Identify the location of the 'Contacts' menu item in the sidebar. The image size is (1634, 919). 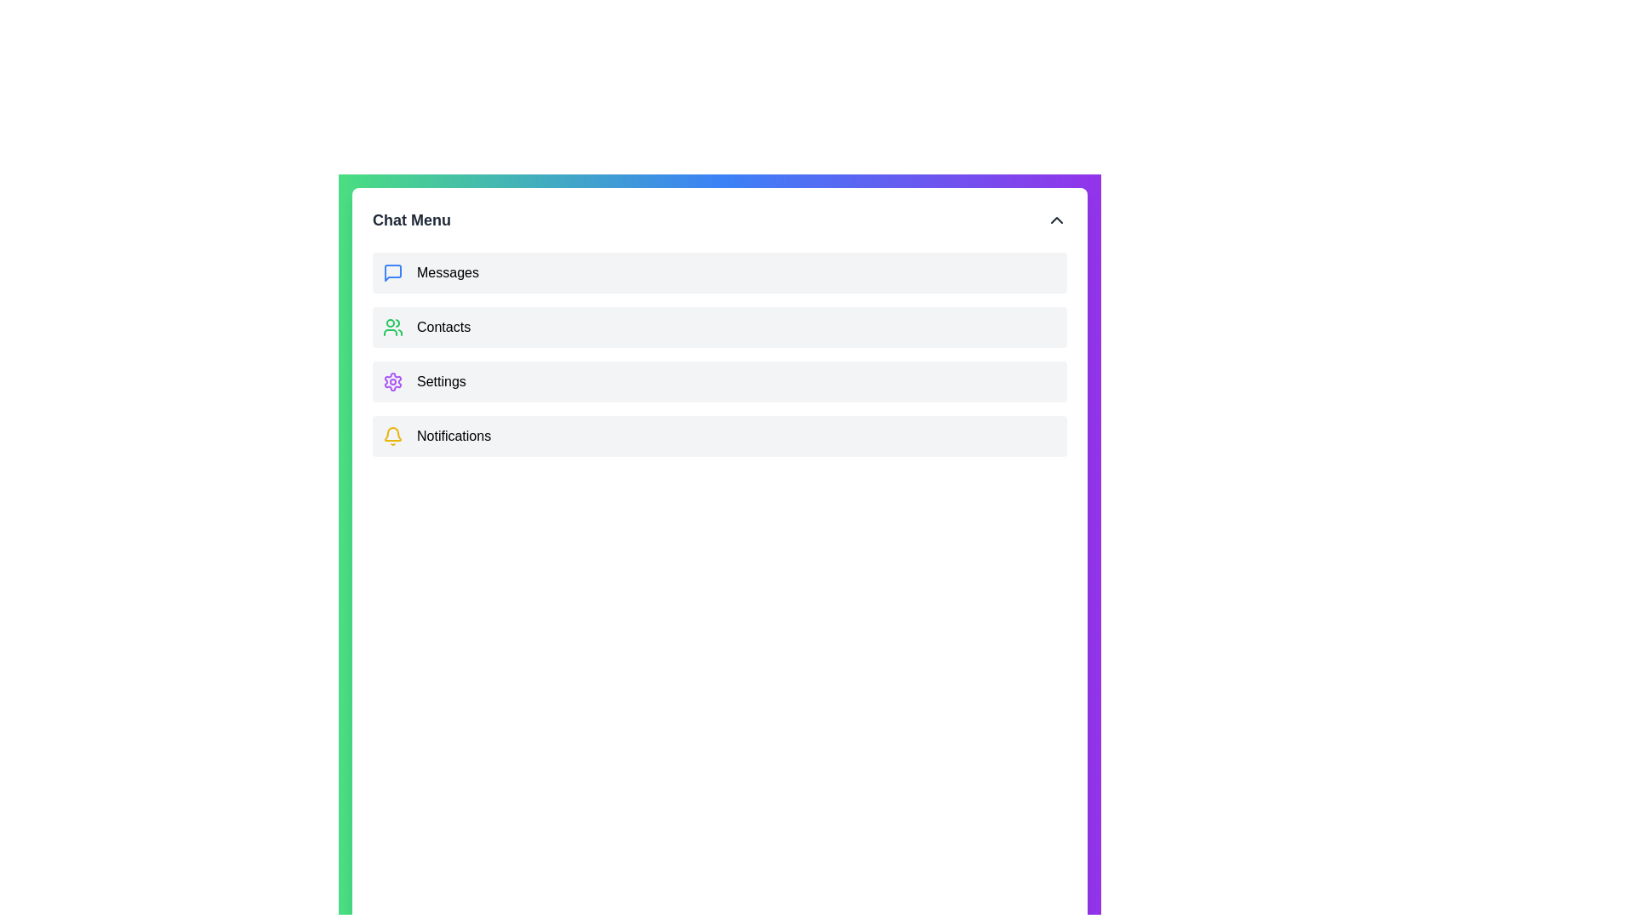
(719, 328).